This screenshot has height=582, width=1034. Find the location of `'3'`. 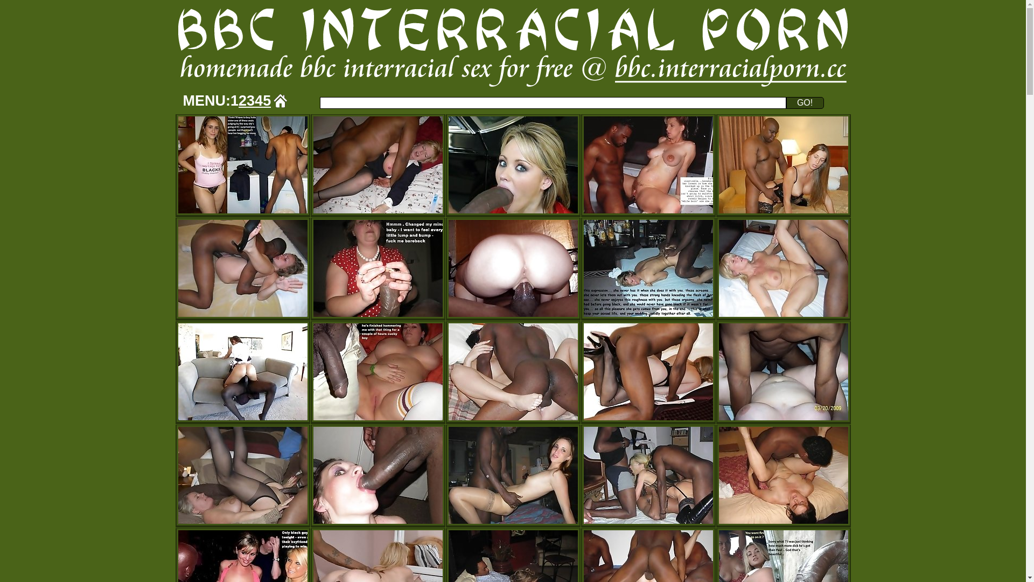

'3' is located at coordinates (250, 100).